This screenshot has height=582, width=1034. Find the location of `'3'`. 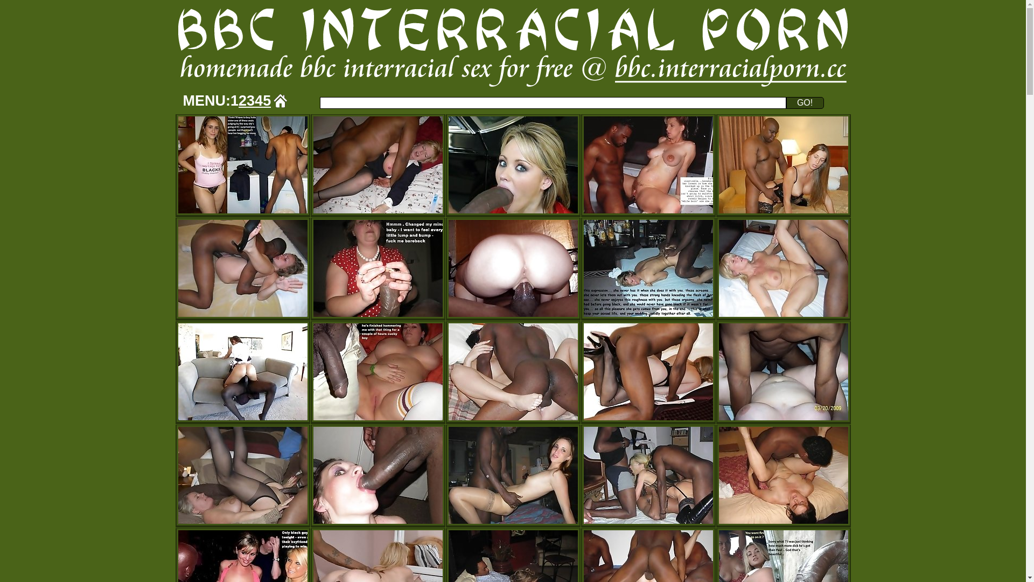

'3' is located at coordinates (250, 100).